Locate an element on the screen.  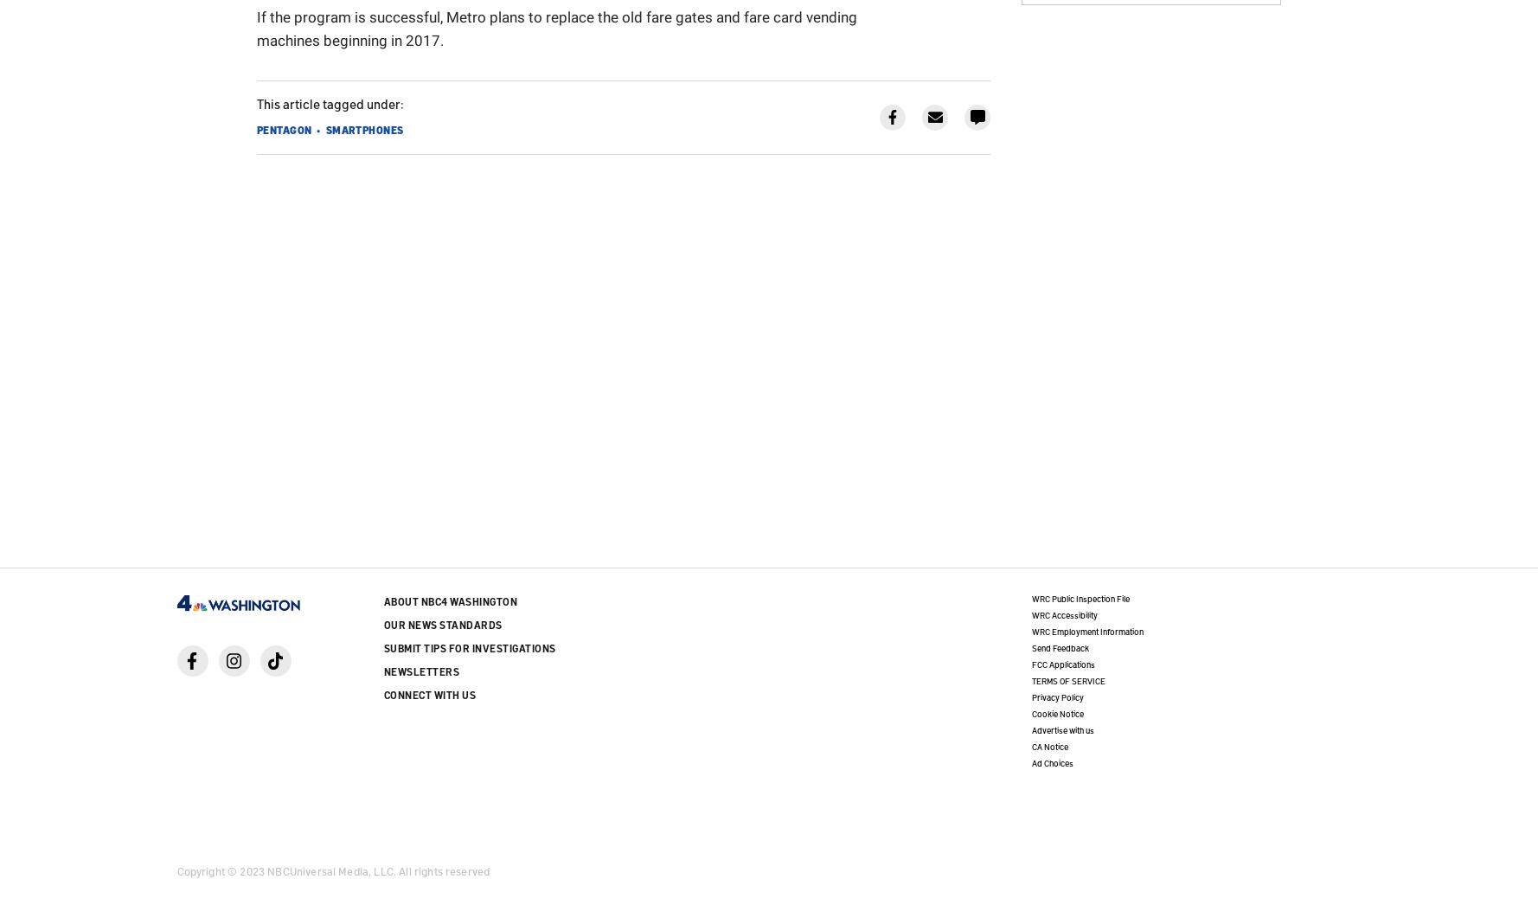
'If the program is successful, Metro plans to replace the old fare gates and fare card vending machines beginning in 2017.' is located at coordinates (556, 27).